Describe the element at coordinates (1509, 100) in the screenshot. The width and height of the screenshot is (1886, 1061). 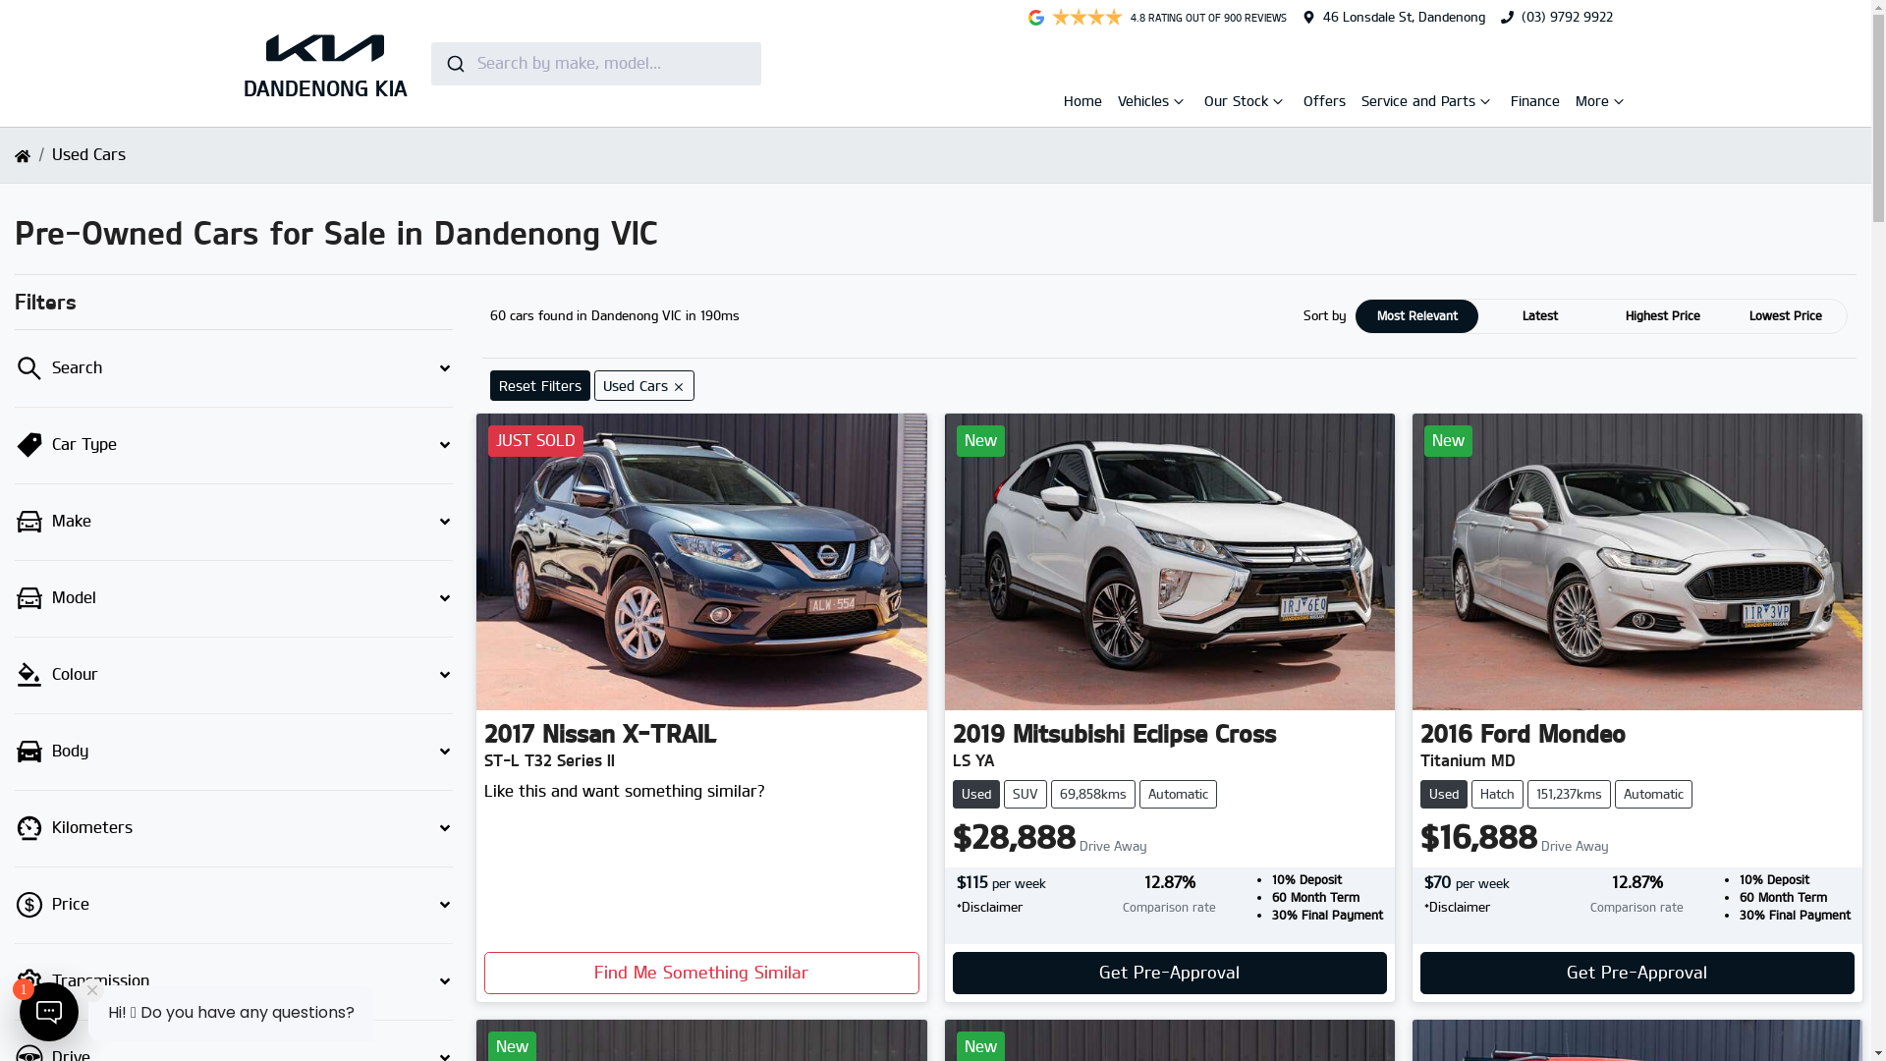
I see `'Finance'` at that location.